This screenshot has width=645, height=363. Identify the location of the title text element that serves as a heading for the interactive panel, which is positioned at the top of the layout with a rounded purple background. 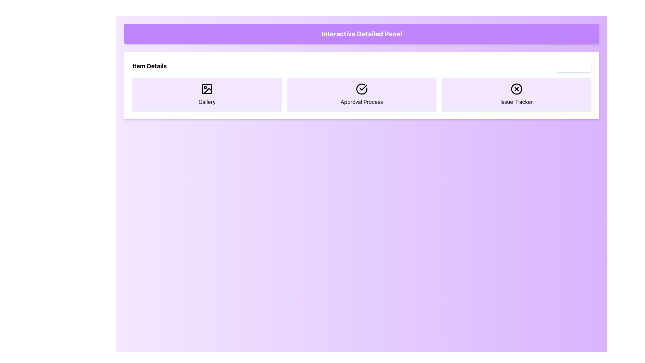
(361, 34).